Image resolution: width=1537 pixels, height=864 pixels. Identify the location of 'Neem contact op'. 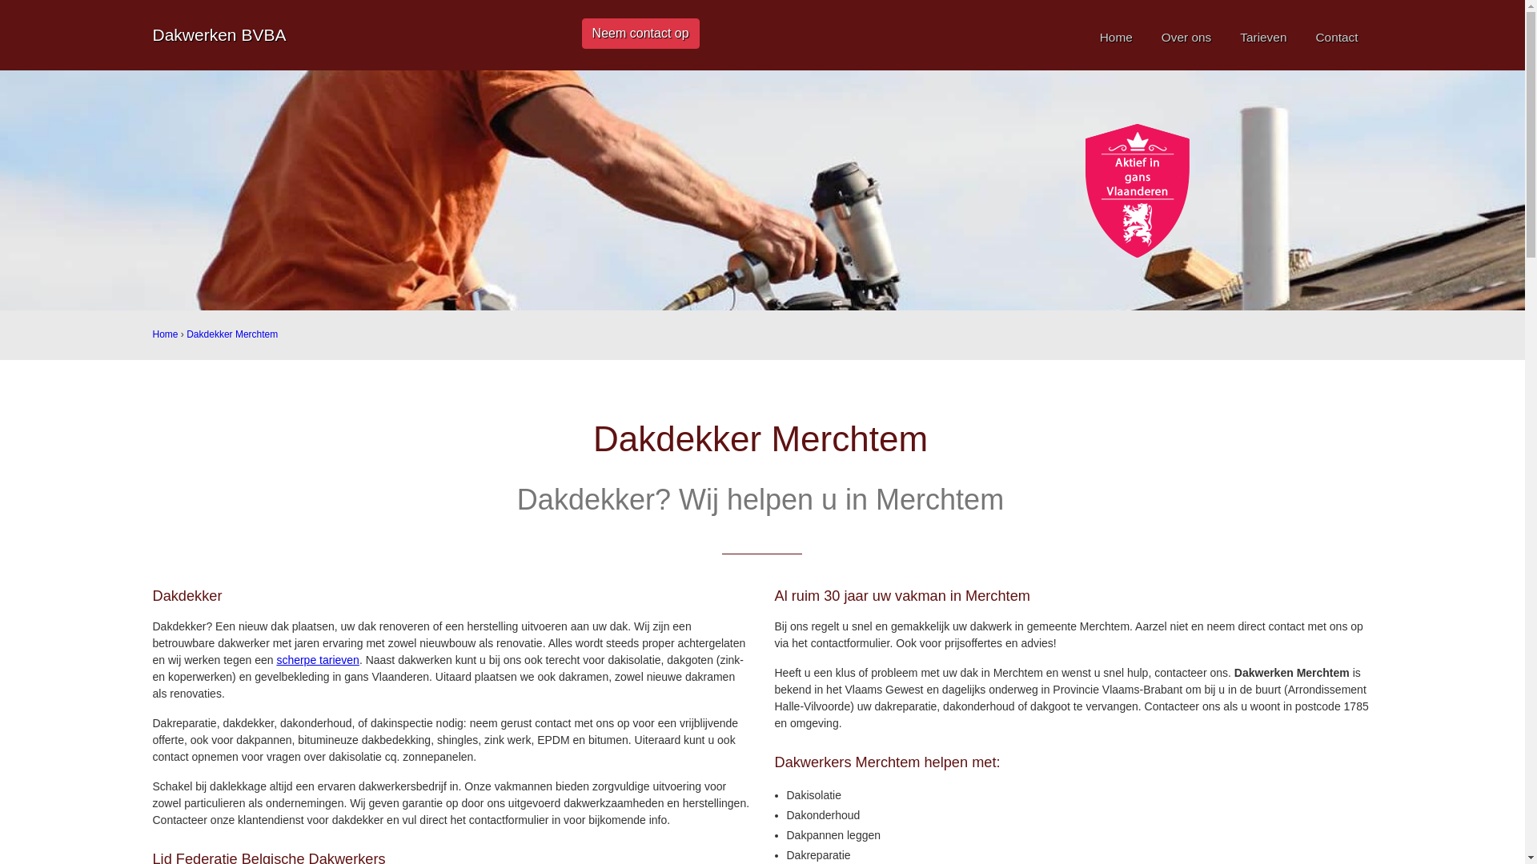
(640, 34).